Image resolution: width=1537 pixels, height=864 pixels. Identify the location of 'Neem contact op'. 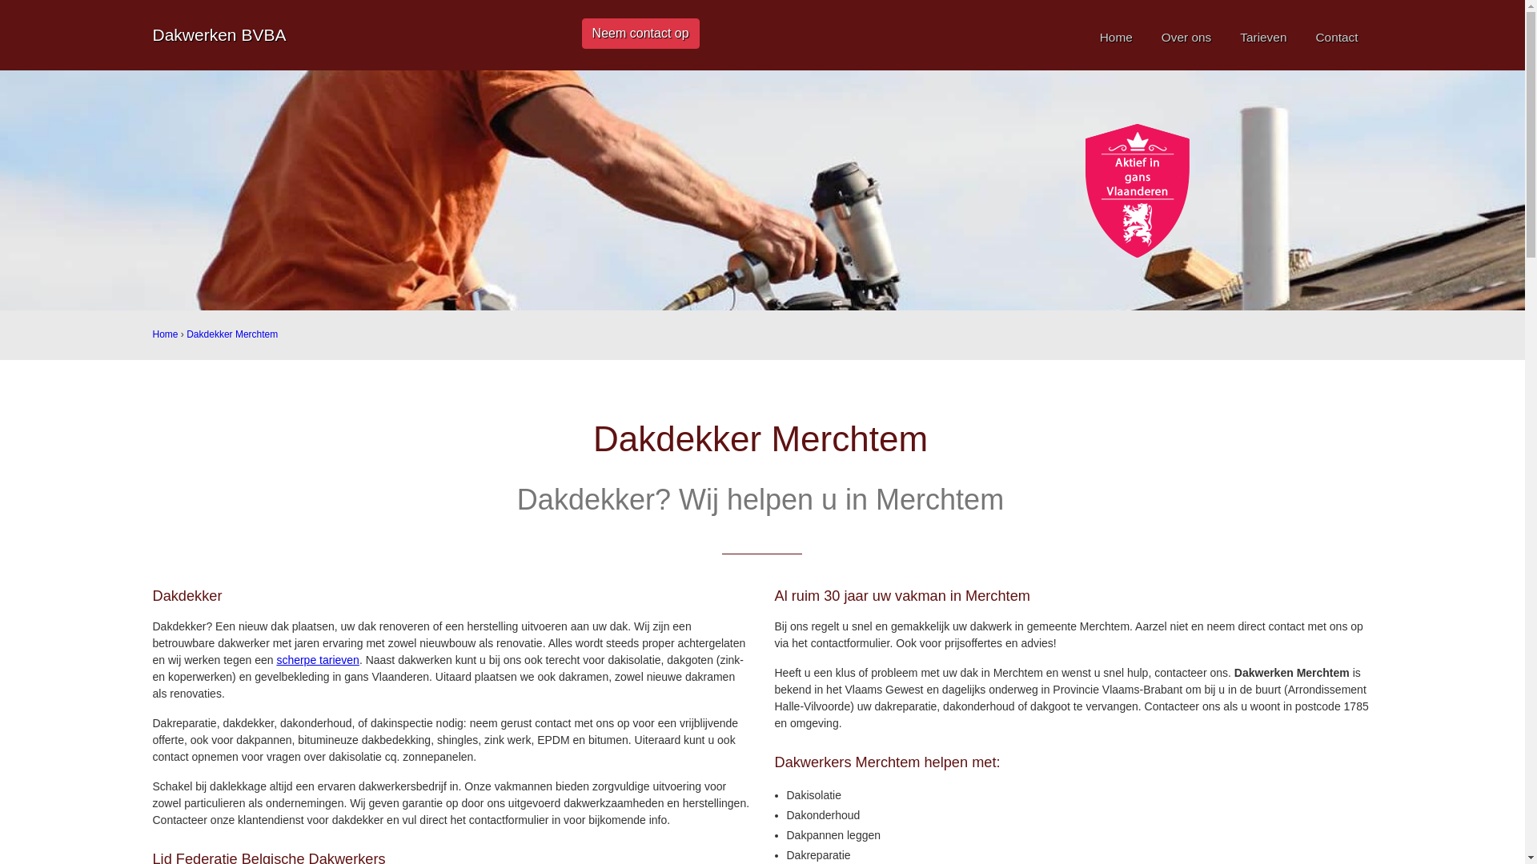
(640, 34).